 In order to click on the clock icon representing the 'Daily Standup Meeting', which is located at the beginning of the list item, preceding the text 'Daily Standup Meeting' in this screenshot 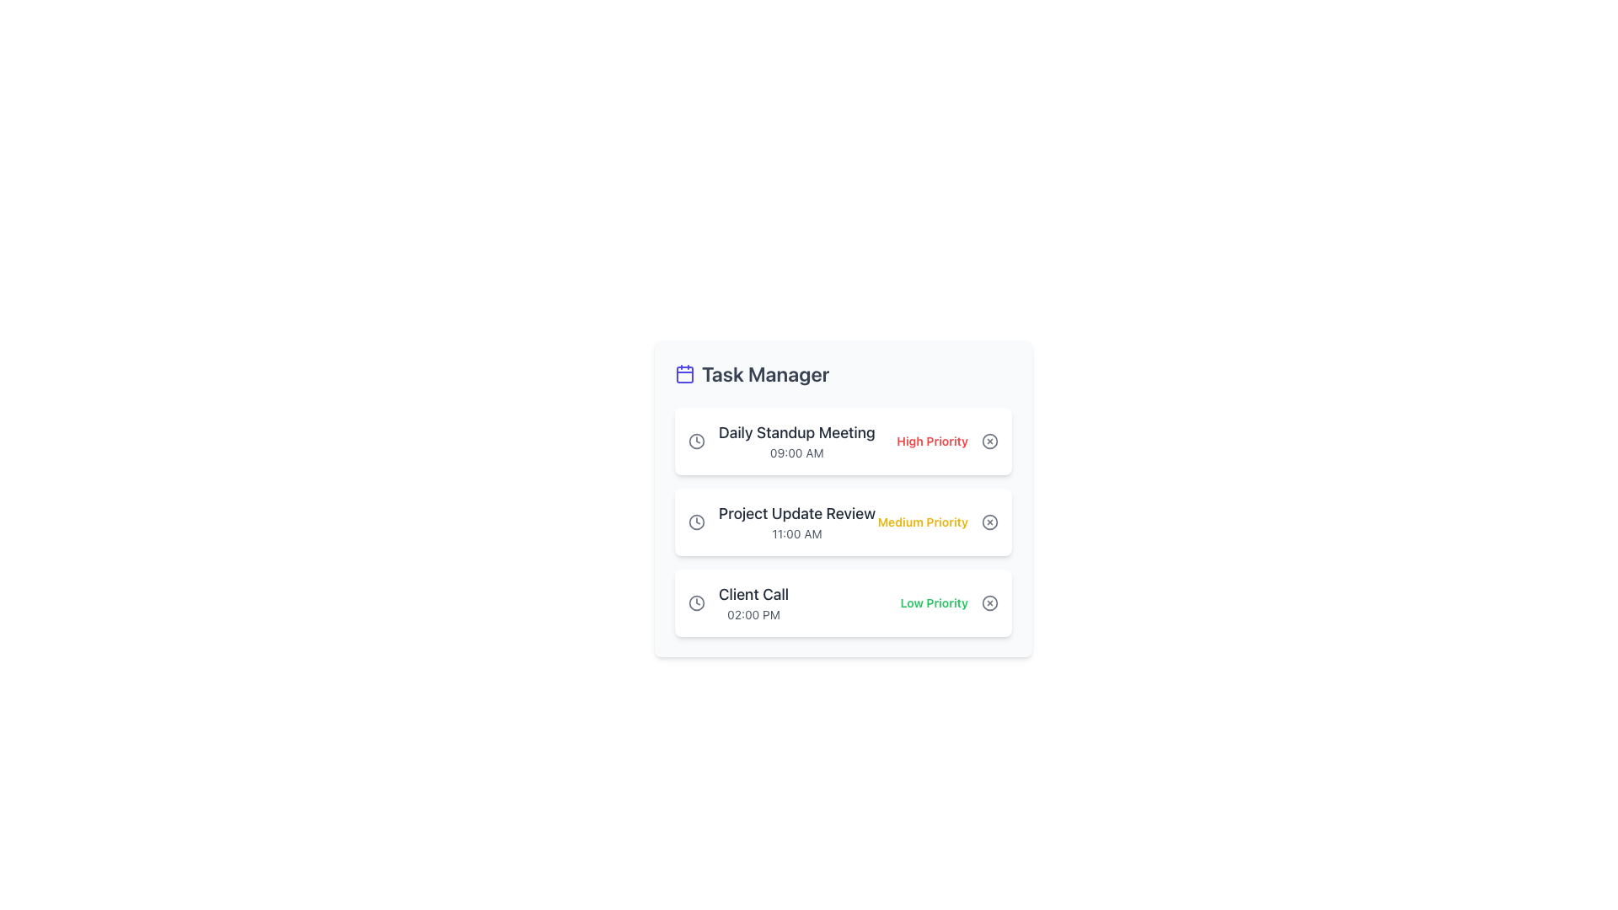, I will do `click(696, 441)`.